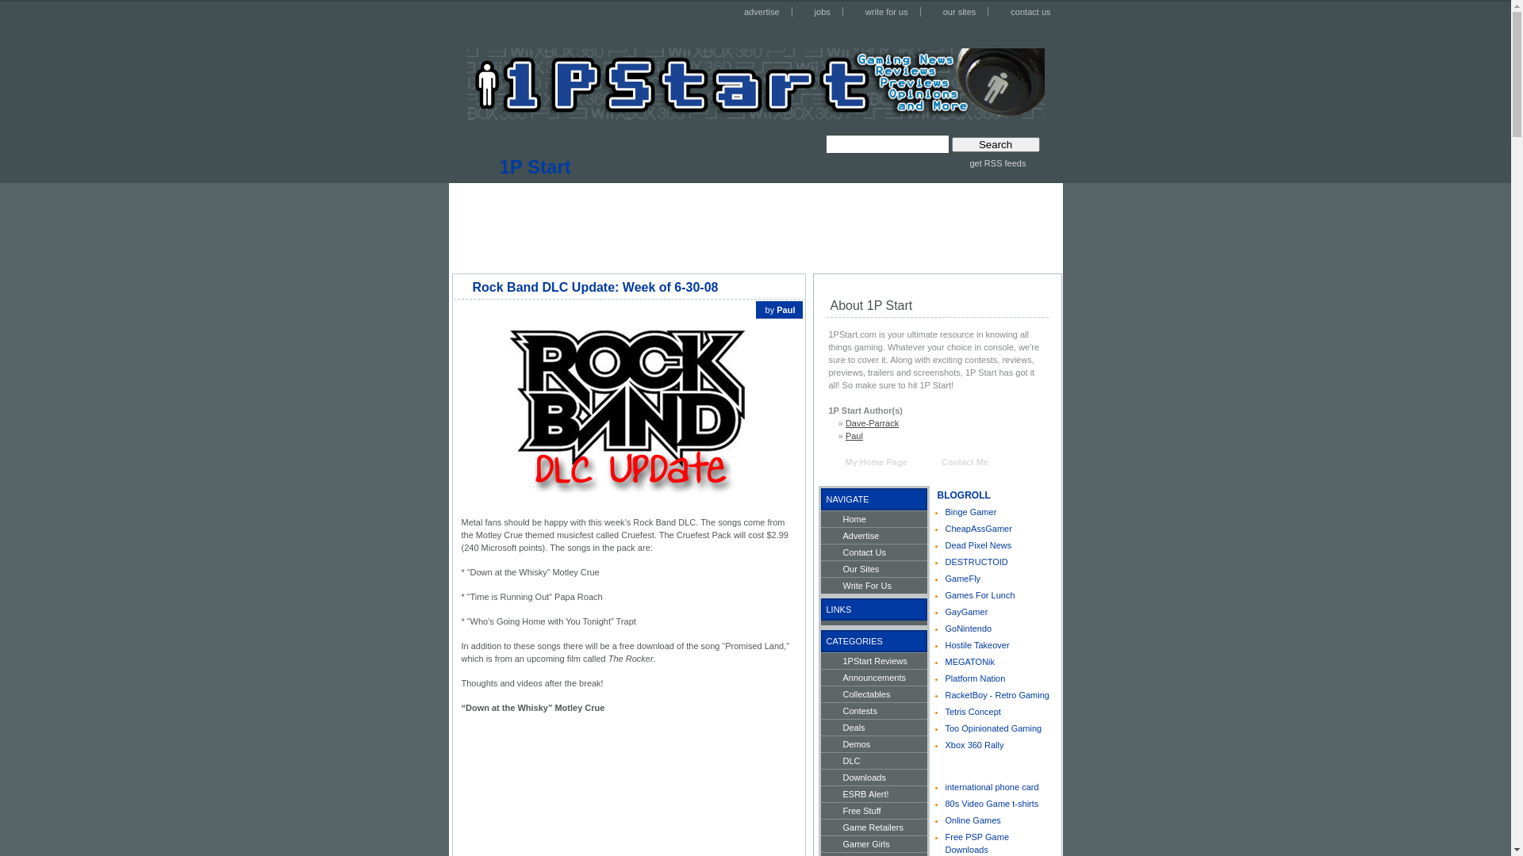  What do you see at coordinates (969, 661) in the screenshot?
I see `'MEGATONik'` at bounding box center [969, 661].